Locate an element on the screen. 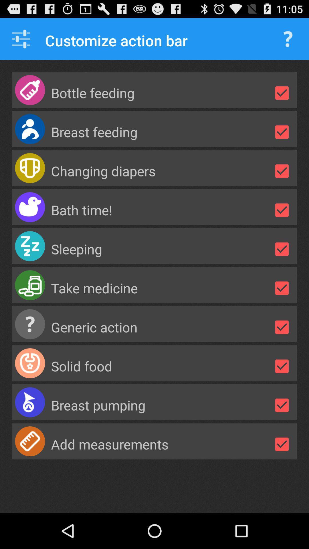 The height and width of the screenshot is (549, 309). query option is located at coordinates (288, 39).